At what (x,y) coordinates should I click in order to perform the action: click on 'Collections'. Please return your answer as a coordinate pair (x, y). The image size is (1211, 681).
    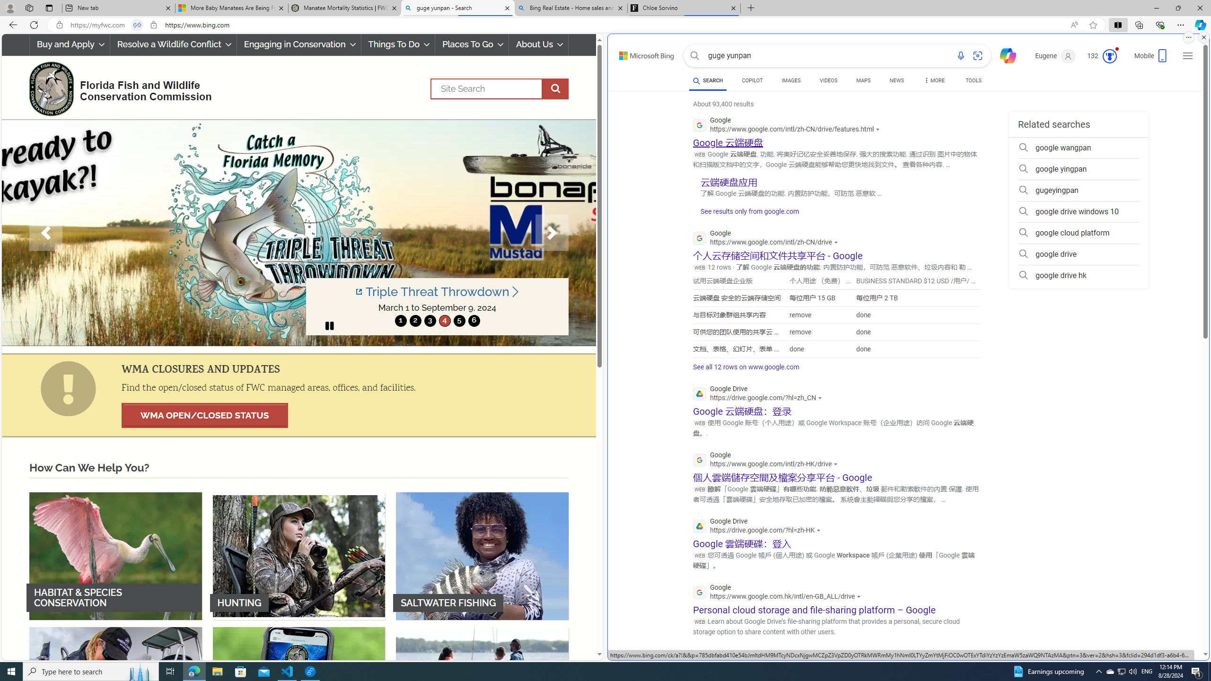
    Looking at the image, I should click on (1138, 24).